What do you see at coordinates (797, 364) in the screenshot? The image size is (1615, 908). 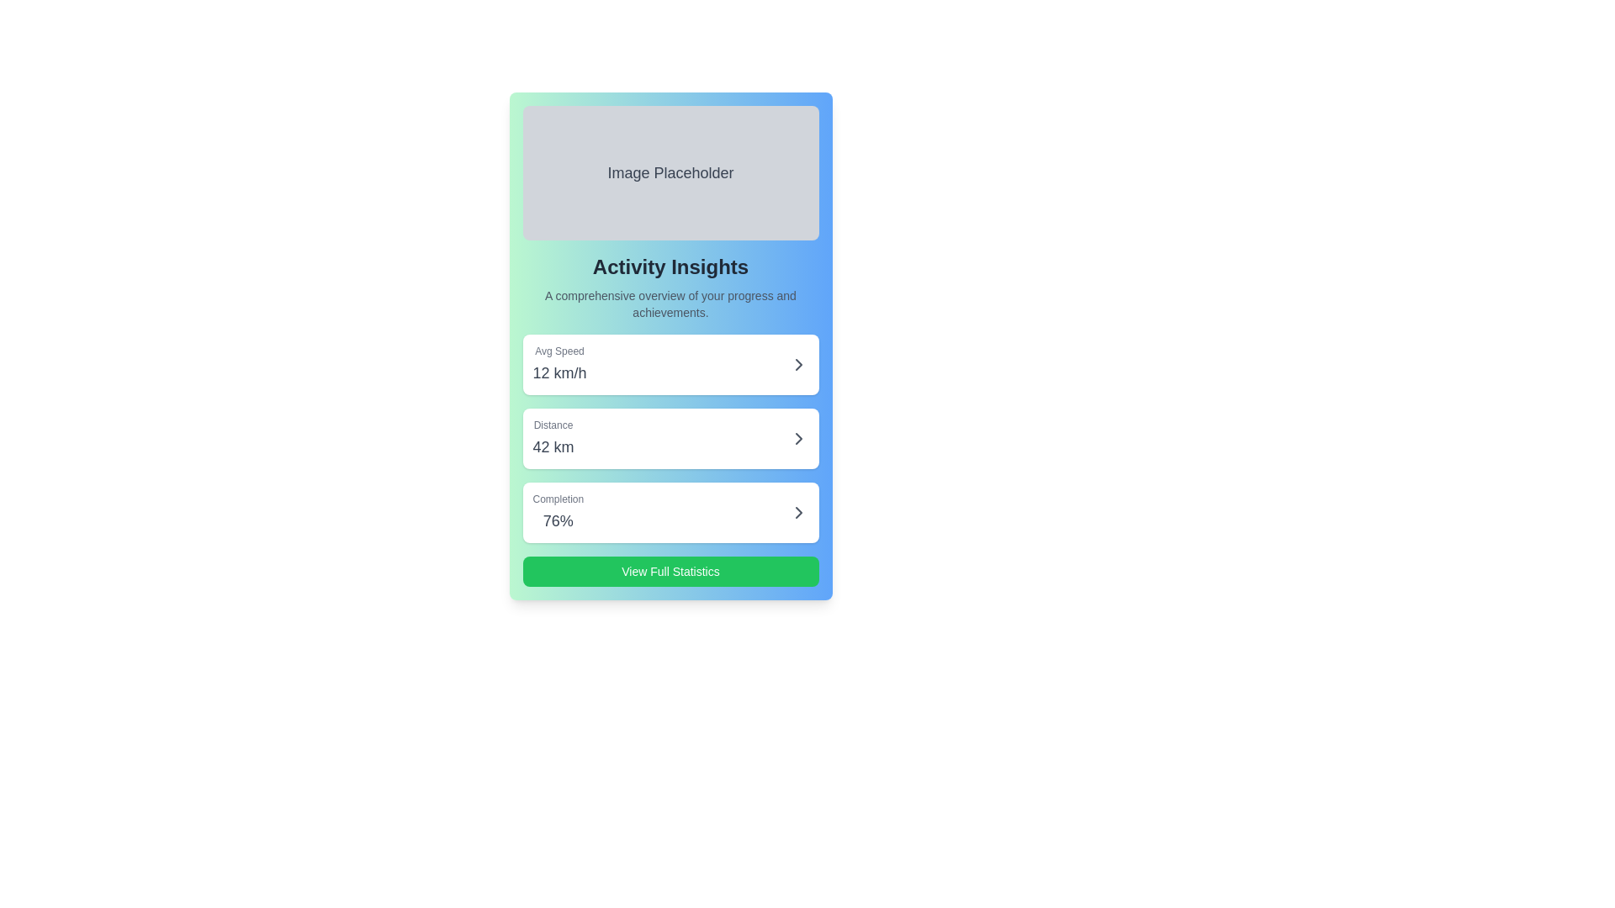 I see `the gray right-pointing chevron icon button located at the far-right side of the 'Avg Speed' block` at bounding box center [797, 364].